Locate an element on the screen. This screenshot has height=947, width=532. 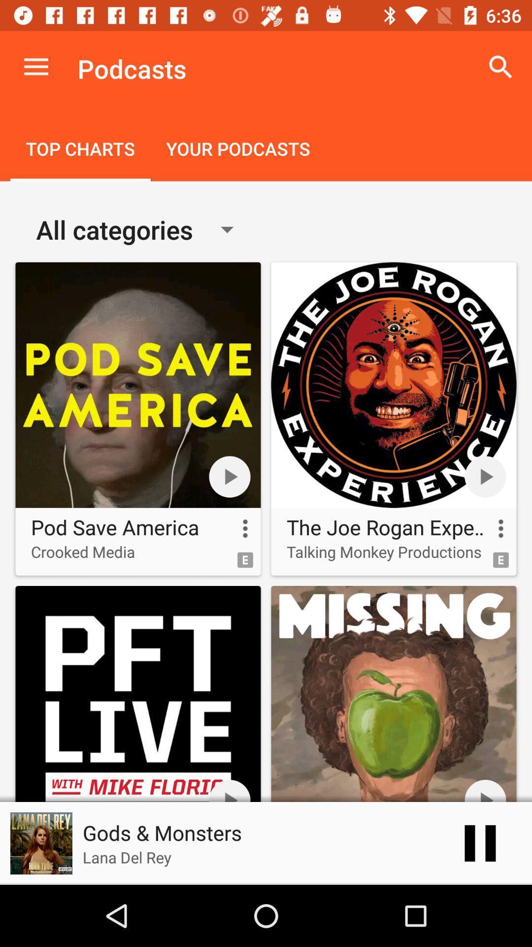
icon below the podcasts item is located at coordinates (238, 149).